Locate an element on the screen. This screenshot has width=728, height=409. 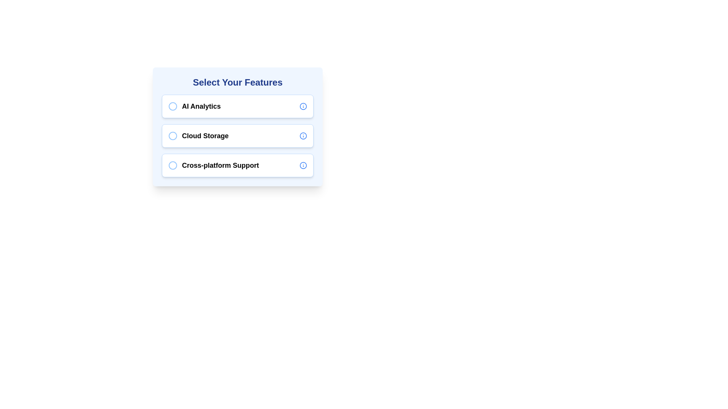
the information icon next to the 'AI Analytics' feature in the 'Select Your Features' list is located at coordinates (303, 106).